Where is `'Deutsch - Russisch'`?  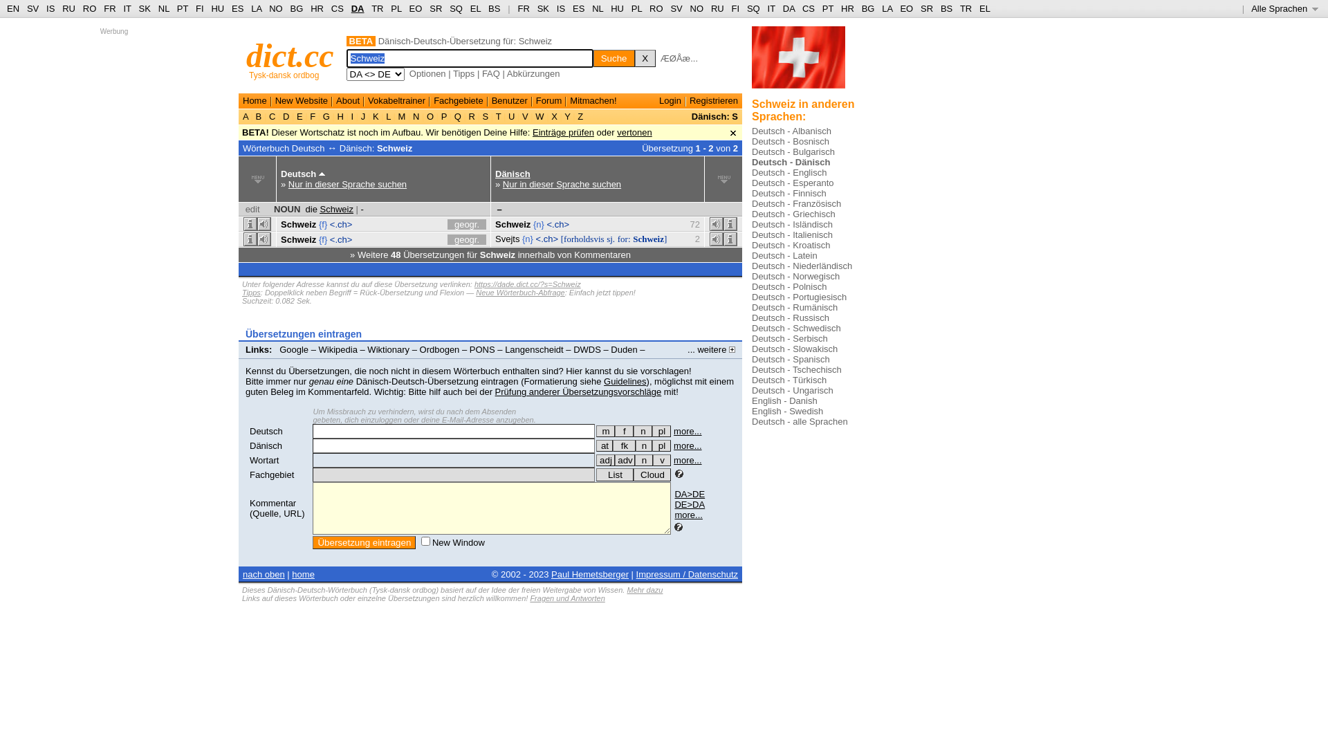 'Deutsch - Russisch' is located at coordinates (790, 317).